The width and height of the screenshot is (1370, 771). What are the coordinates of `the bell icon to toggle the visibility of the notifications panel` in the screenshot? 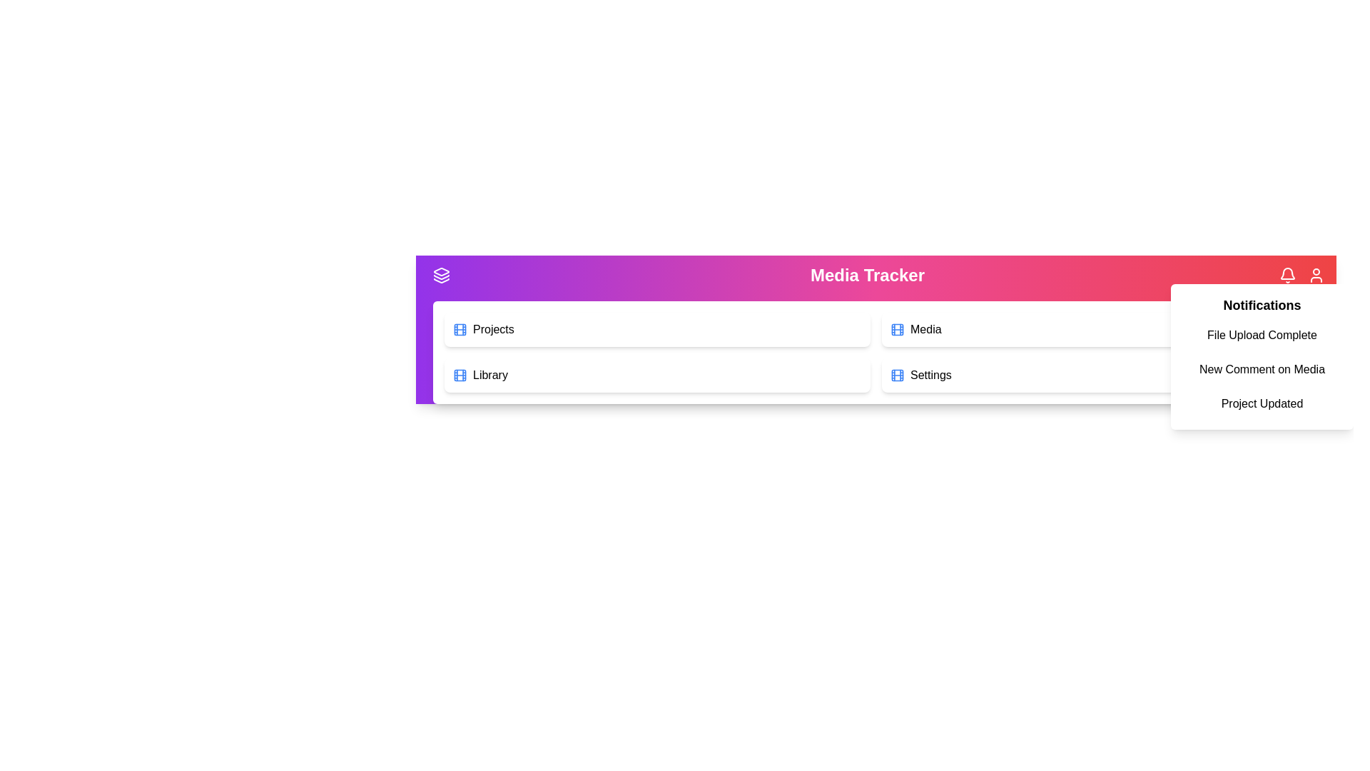 It's located at (1287, 275).